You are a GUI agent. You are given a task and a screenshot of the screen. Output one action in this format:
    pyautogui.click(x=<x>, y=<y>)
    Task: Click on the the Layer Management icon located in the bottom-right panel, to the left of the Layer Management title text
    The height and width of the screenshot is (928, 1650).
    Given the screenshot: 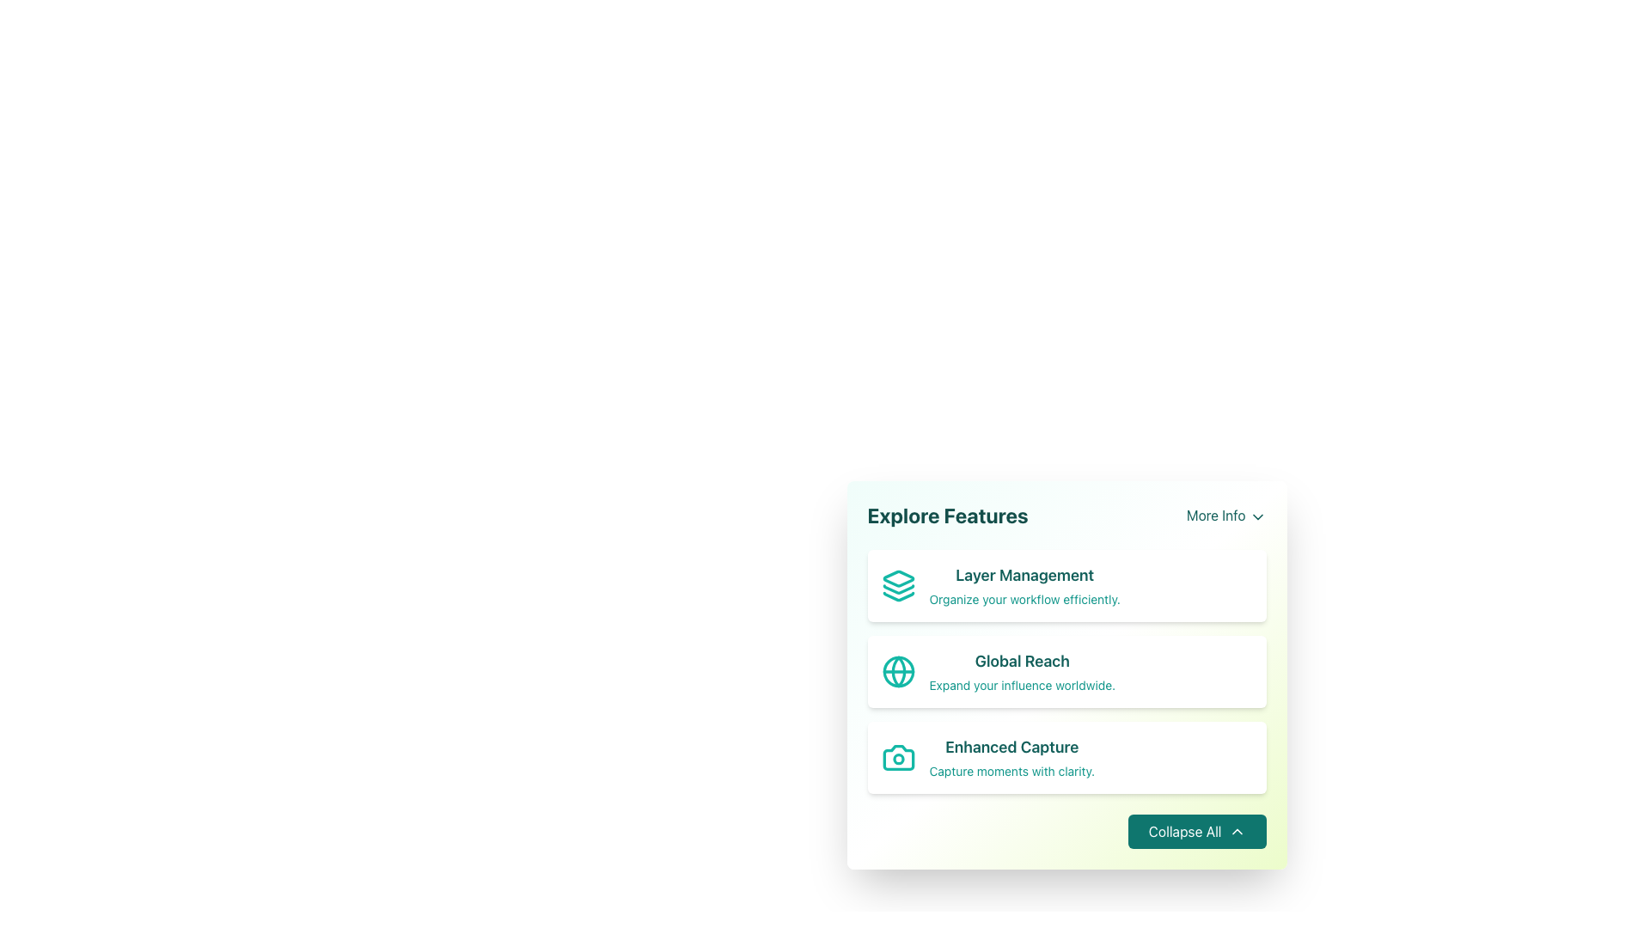 What is the action you would take?
    pyautogui.click(x=897, y=585)
    